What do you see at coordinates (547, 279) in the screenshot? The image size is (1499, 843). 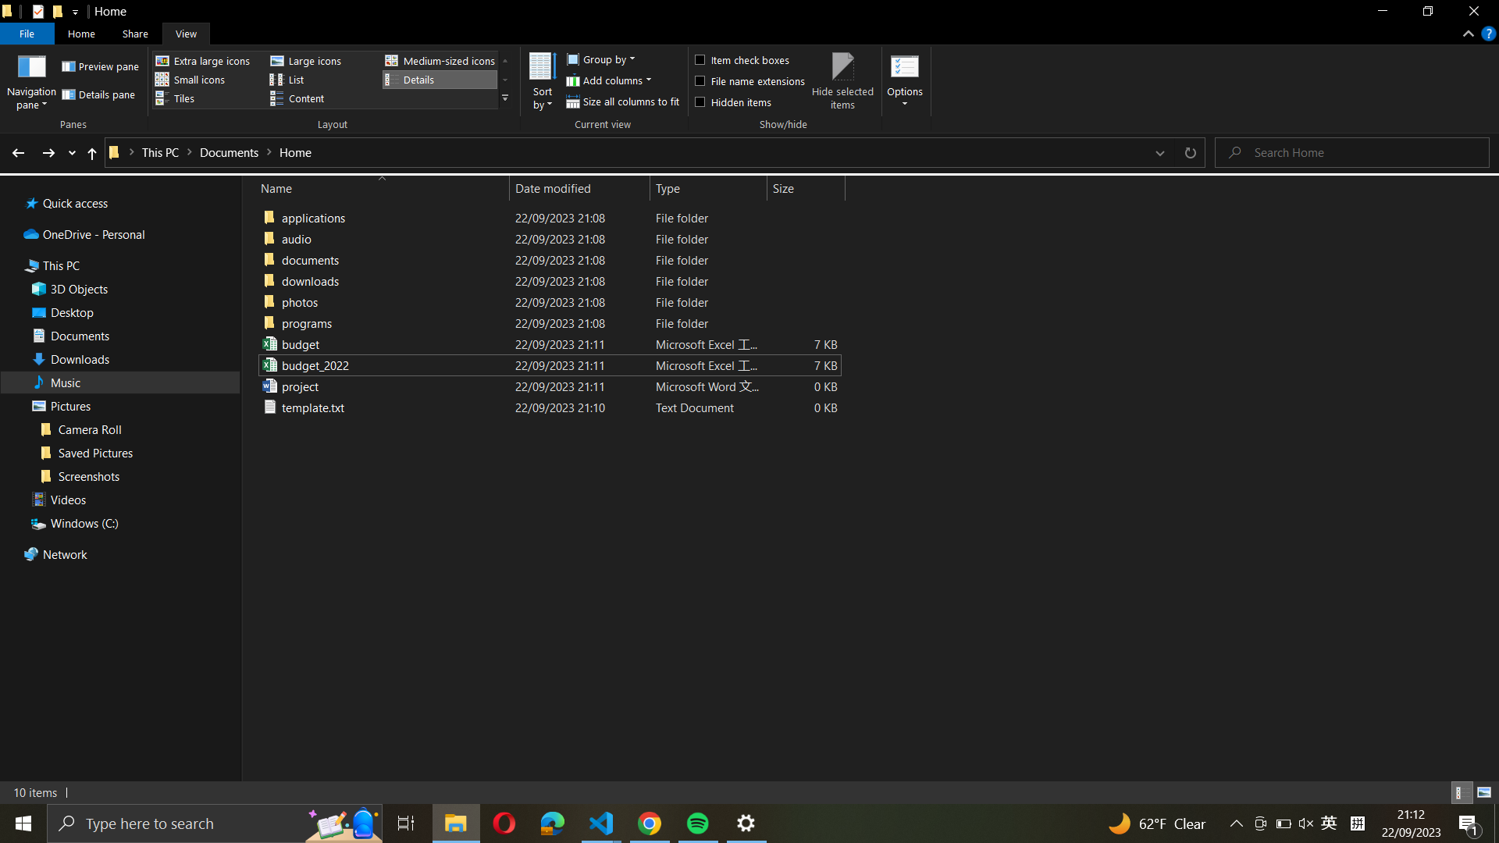 I see `Rearrange the files in "documents" folder by their names` at bounding box center [547, 279].